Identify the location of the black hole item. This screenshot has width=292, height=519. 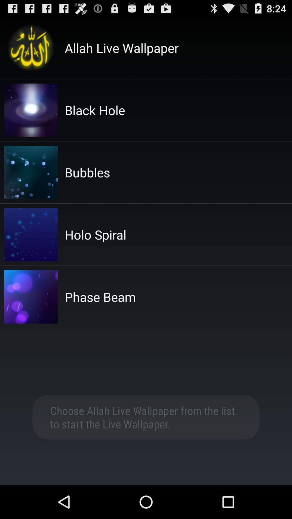
(95, 110).